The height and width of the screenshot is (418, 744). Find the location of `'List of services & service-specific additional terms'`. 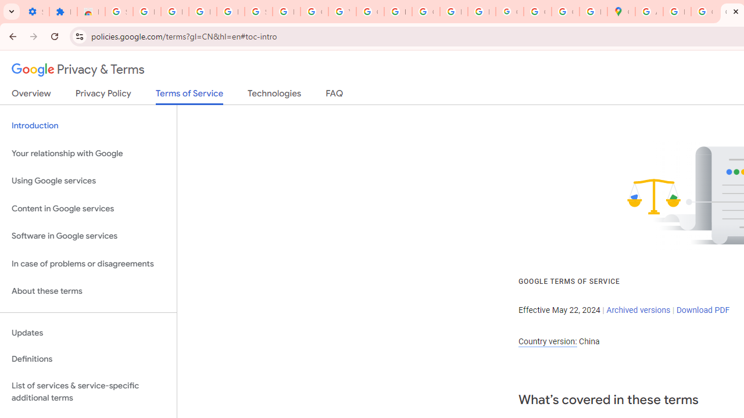

'List of services & service-specific additional terms' is located at coordinates (88, 392).